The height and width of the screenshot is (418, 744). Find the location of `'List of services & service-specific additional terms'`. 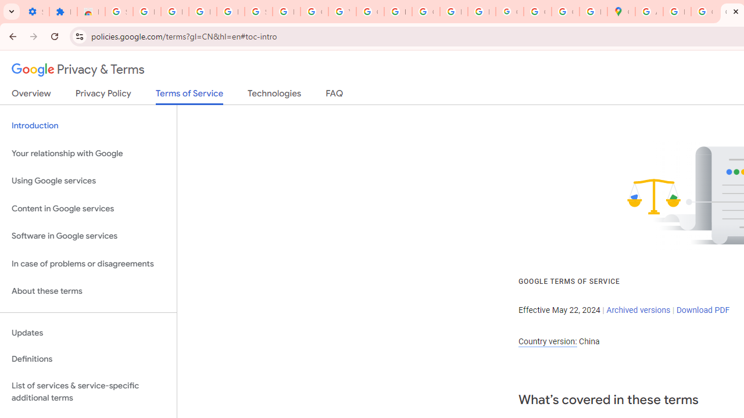

'List of services & service-specific additional terms' is located at coordinates (88, 392).